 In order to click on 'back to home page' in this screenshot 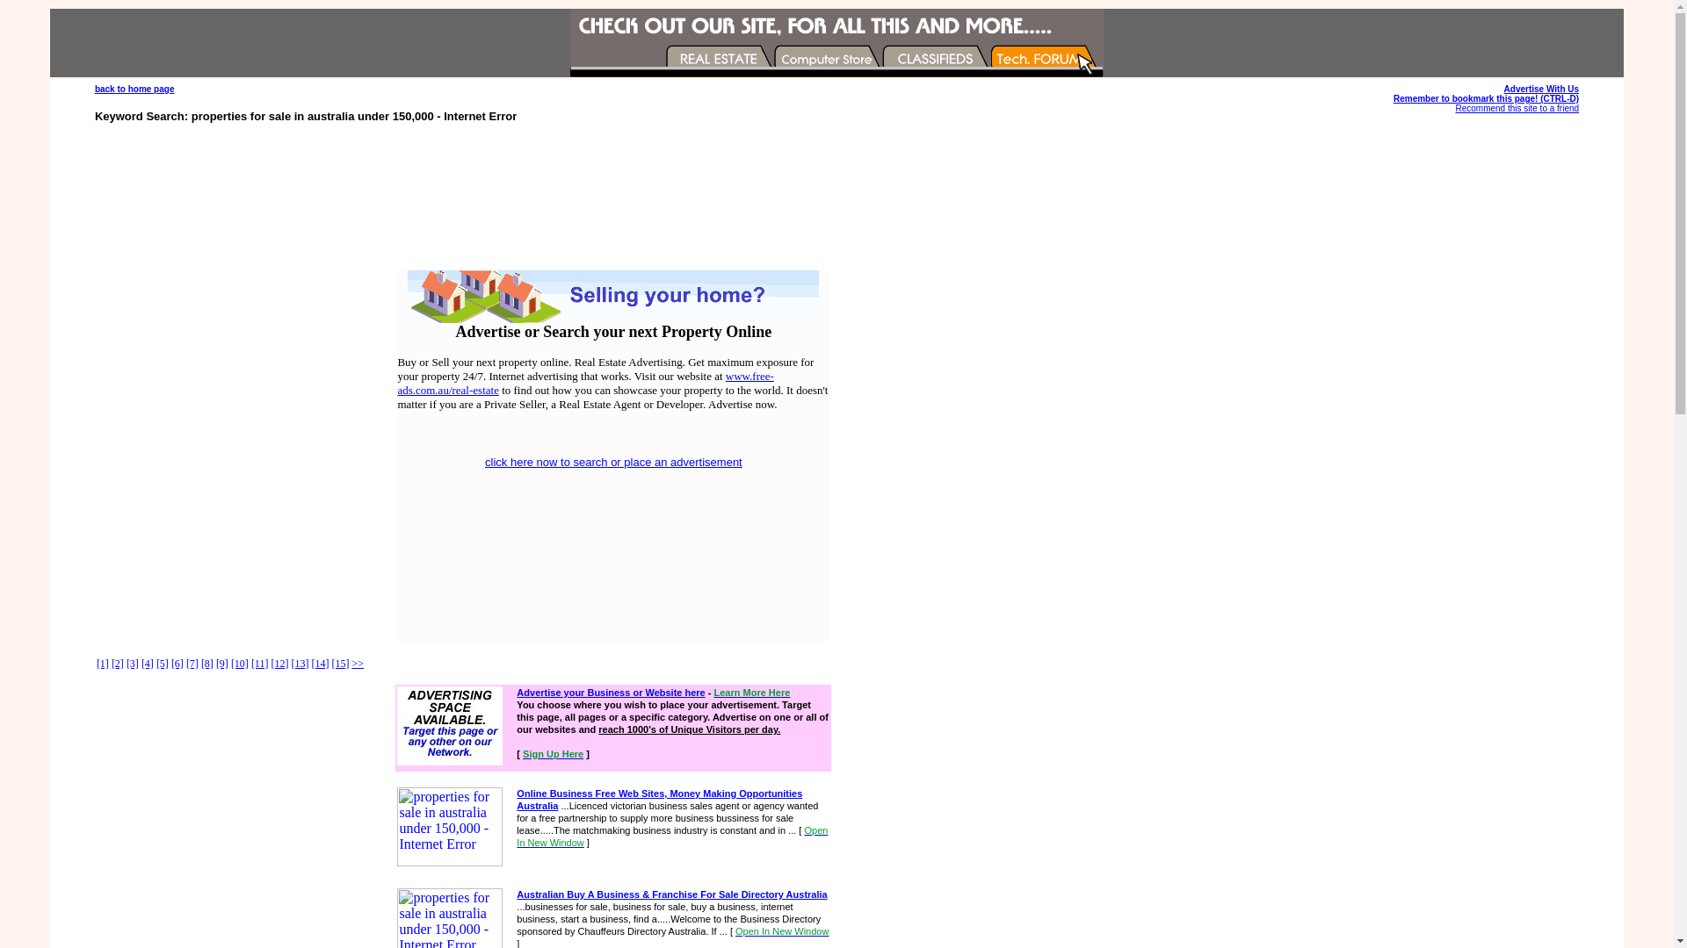, I will do `click(134, 89)`.